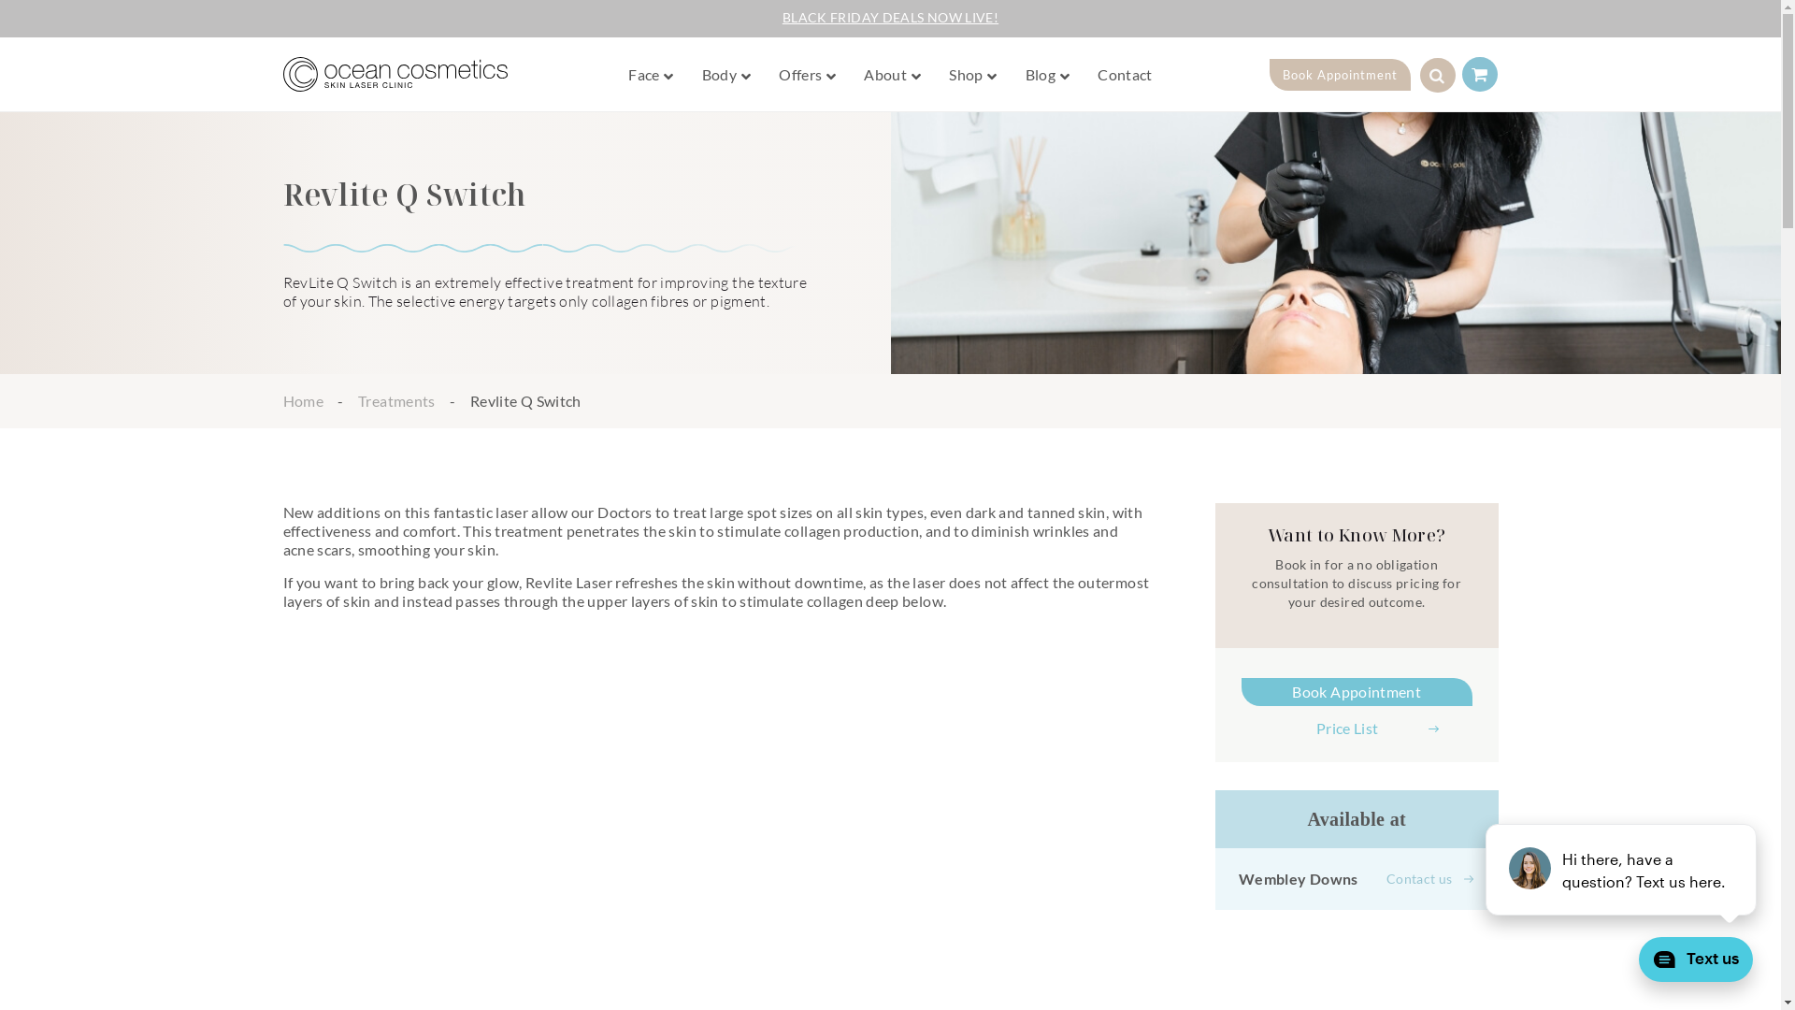  I want to click on 'Treatments', so click(395, 399).